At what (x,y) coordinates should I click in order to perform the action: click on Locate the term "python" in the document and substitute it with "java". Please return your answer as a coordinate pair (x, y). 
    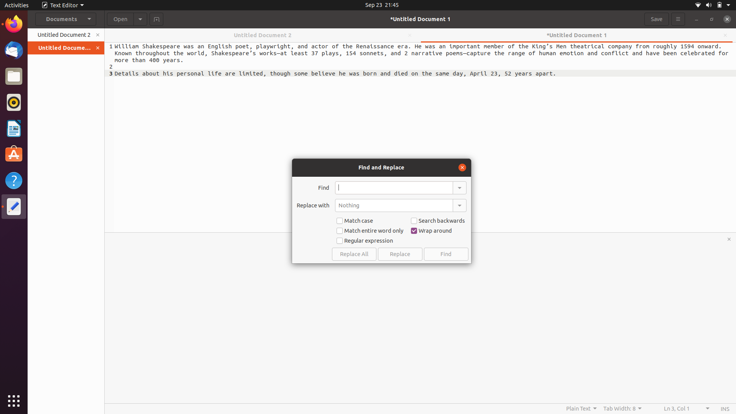
    Looking at the image, I should click on (394, 187).